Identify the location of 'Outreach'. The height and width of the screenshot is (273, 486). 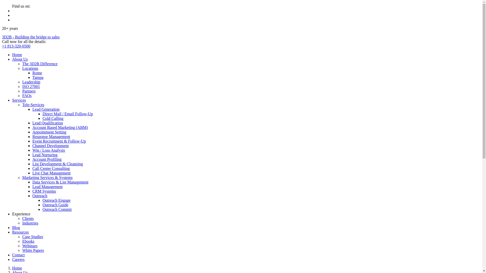
(39, 195).